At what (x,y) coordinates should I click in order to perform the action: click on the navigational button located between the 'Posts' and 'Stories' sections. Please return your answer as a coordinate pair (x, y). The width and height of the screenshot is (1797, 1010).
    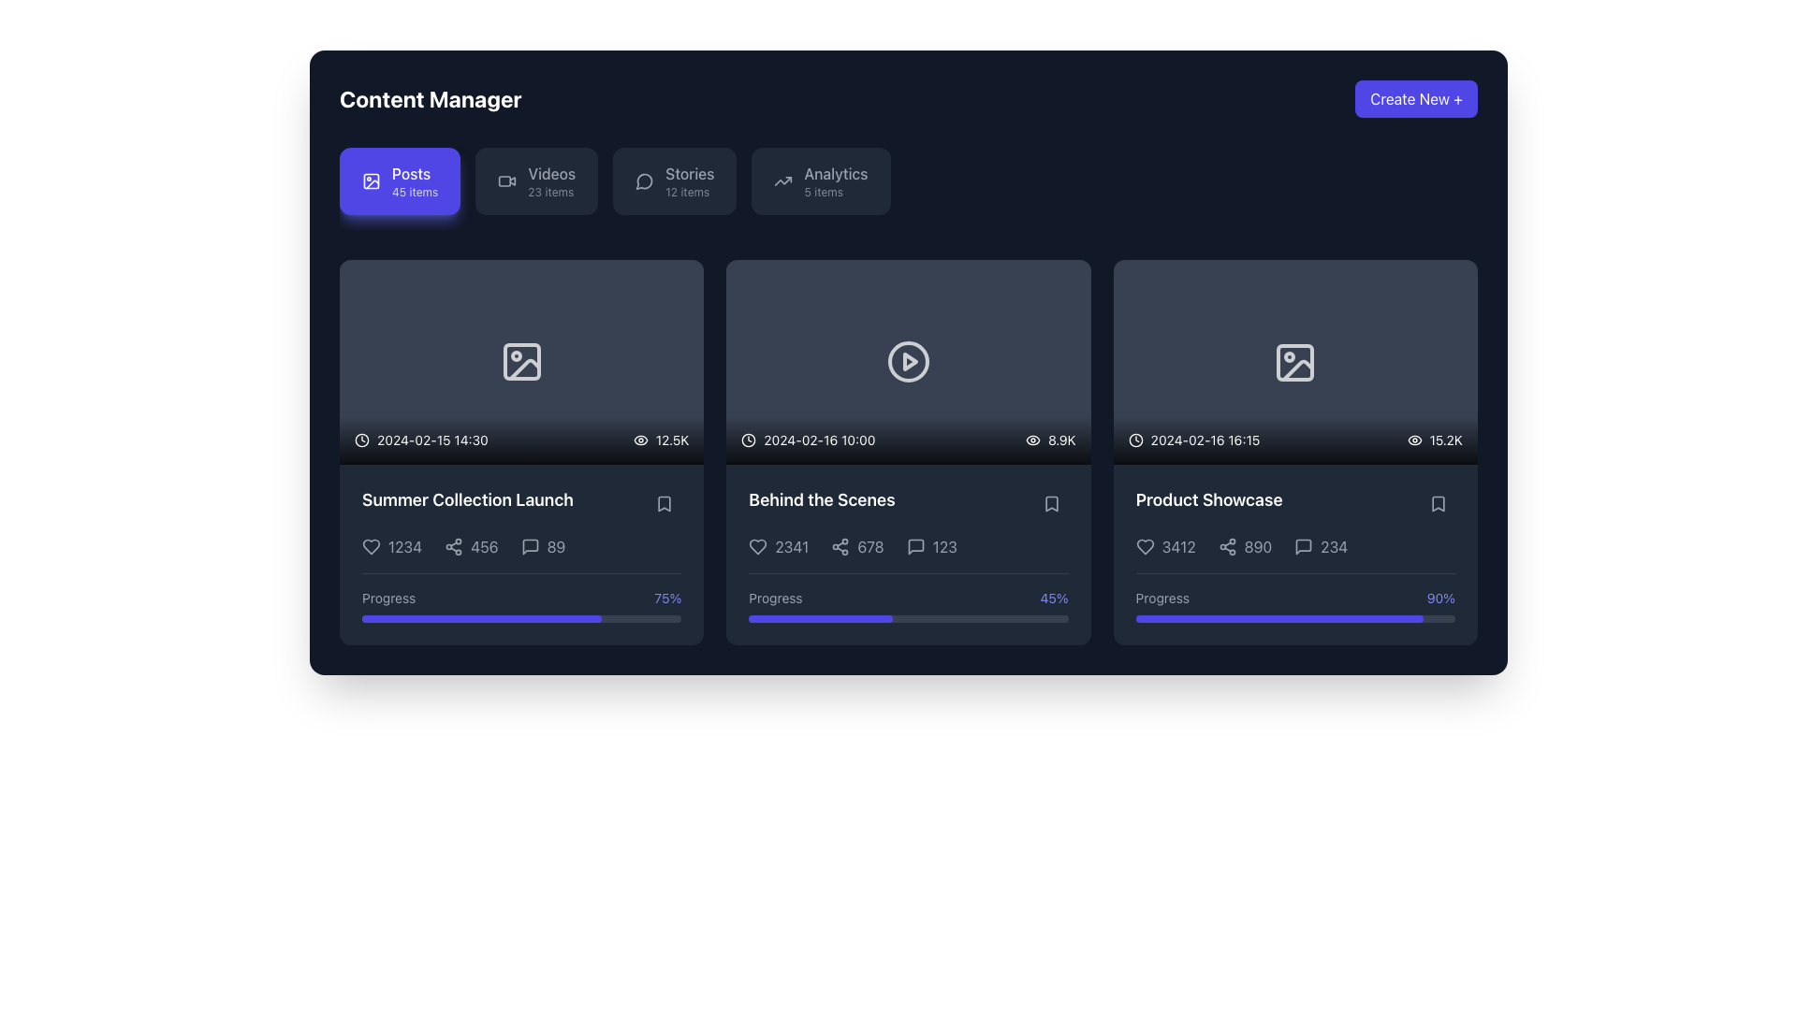
    Looking at the image, I should click on (535, 180).